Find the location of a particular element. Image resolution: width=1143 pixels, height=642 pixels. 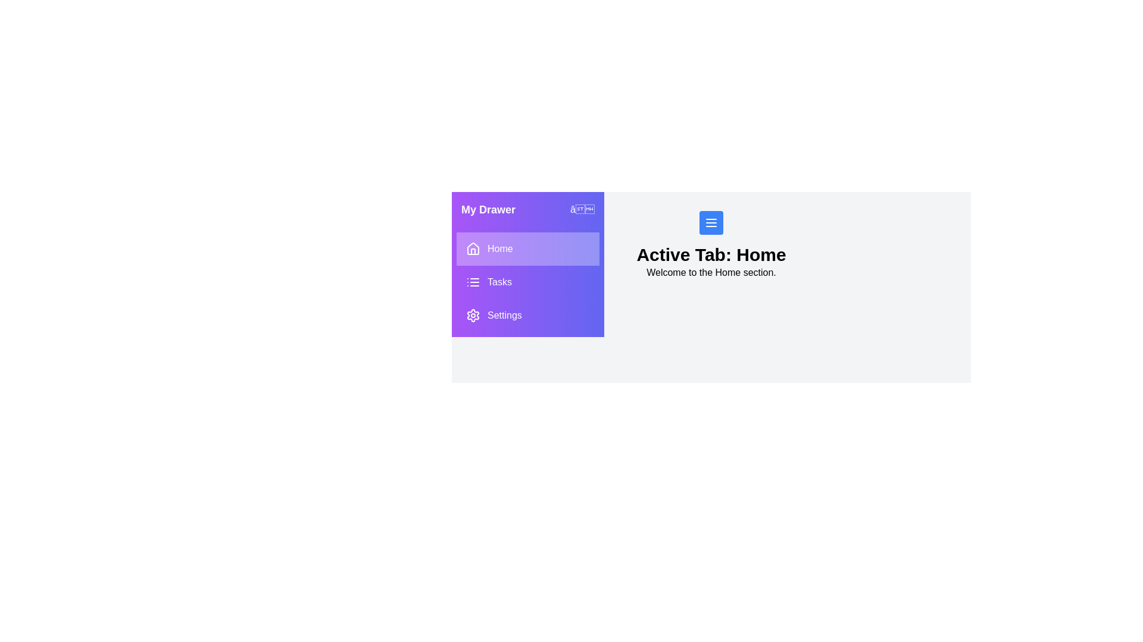

the close button to hide the drawer is located at coordinates (582, 209).